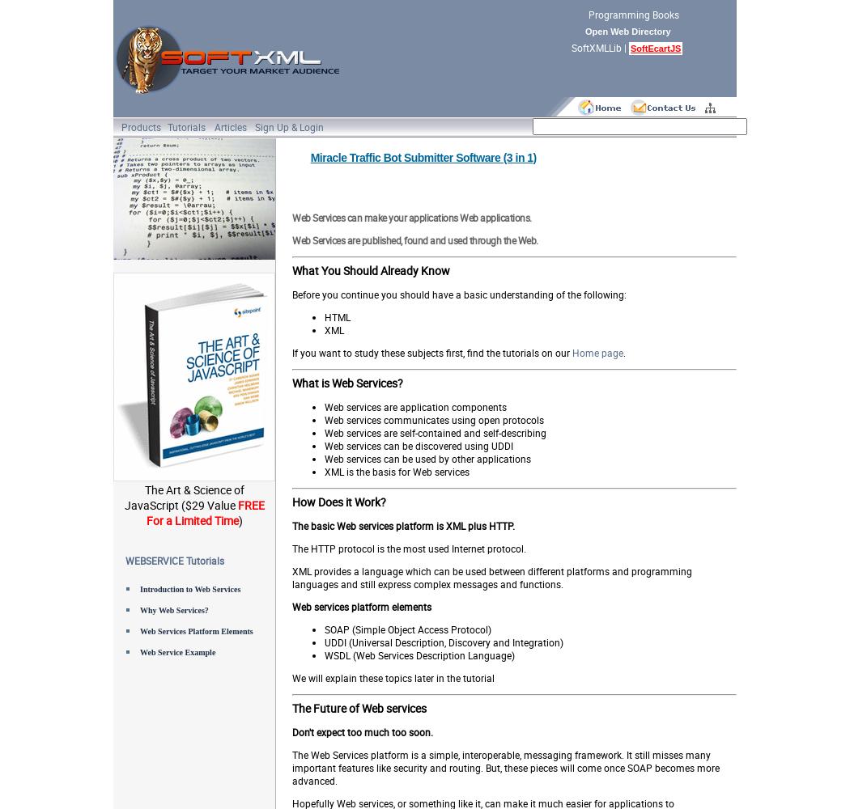  I want to click on 'Web services are self-contained and self-describing', so click(436, 433).